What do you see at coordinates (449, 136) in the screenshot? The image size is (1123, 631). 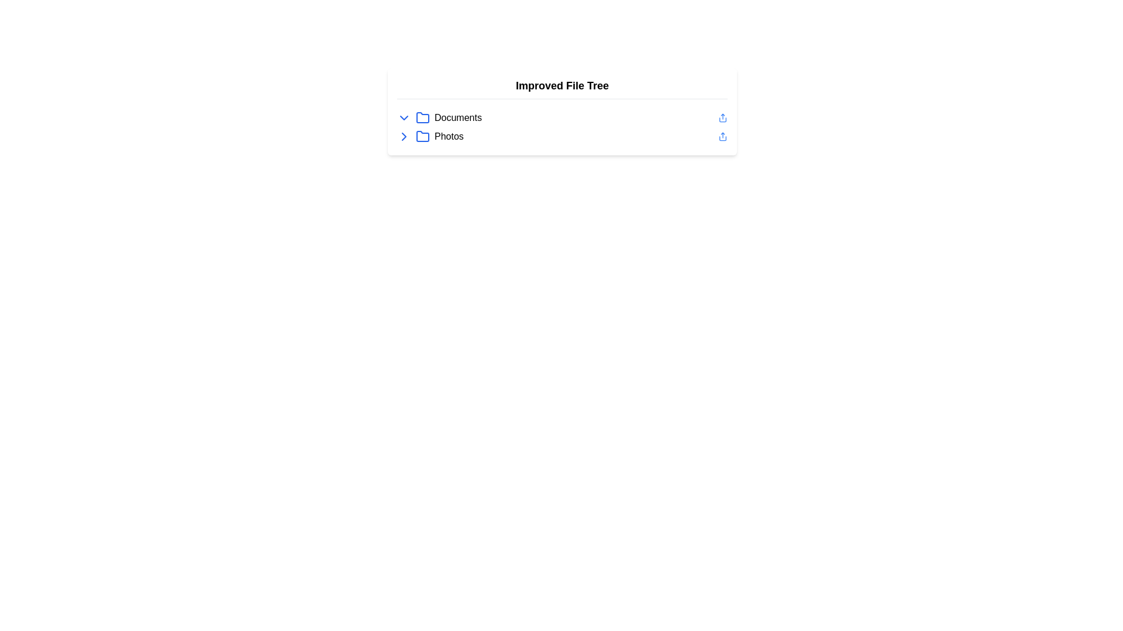 I see `the 'Photos' text label, which is styled in a clean sans-serif font and positioned to the right of a folder icon within the file tree interface` at bounding box center [449, 136].